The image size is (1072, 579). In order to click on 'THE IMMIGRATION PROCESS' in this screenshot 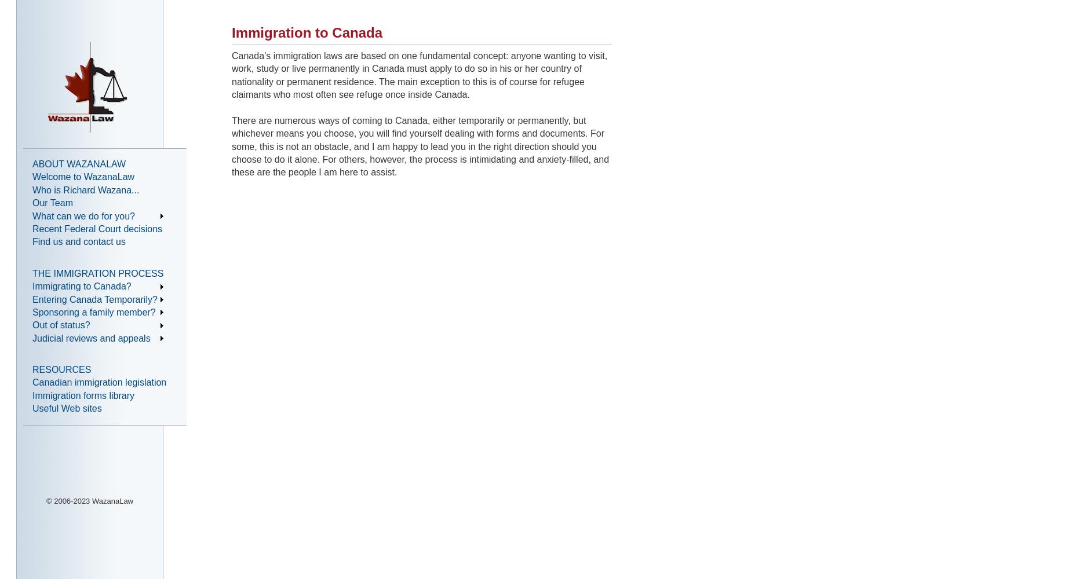, I will do `click(97, 272)`.